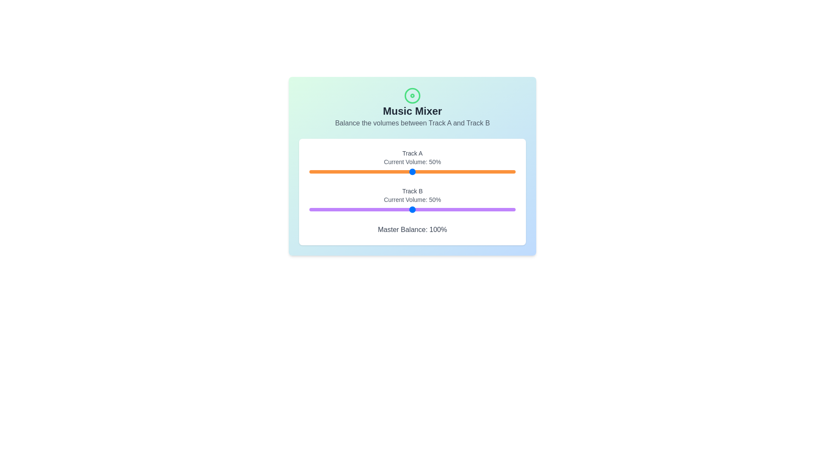  Describe the element at coordinates (505, 210) in the screenshot. I see `the volume slider for Track B to 95%` at that location.